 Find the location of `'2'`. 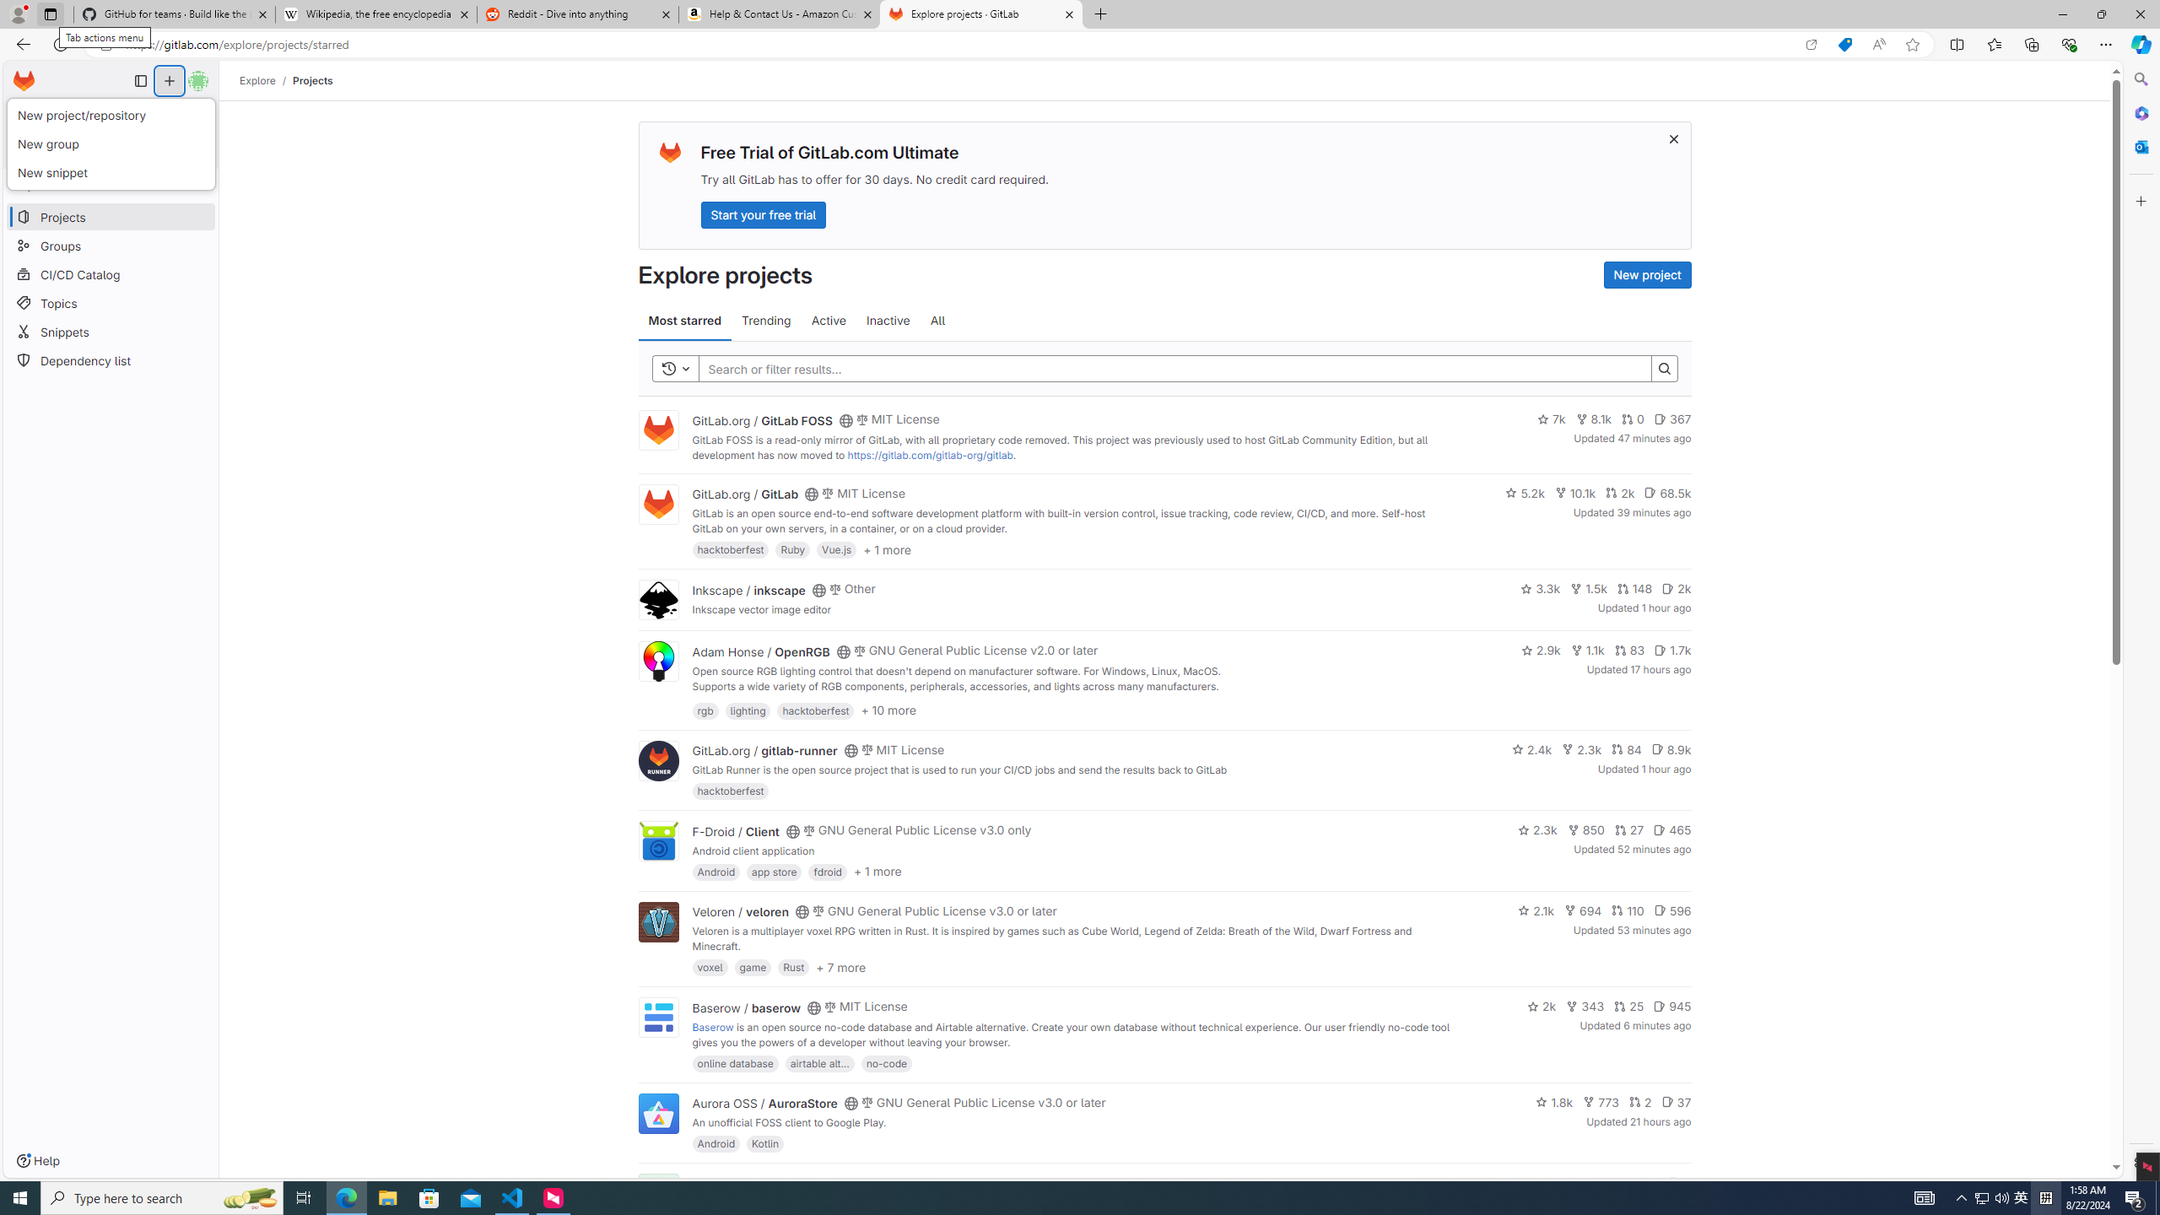

'2' is located at coordinates (1640, 1101).